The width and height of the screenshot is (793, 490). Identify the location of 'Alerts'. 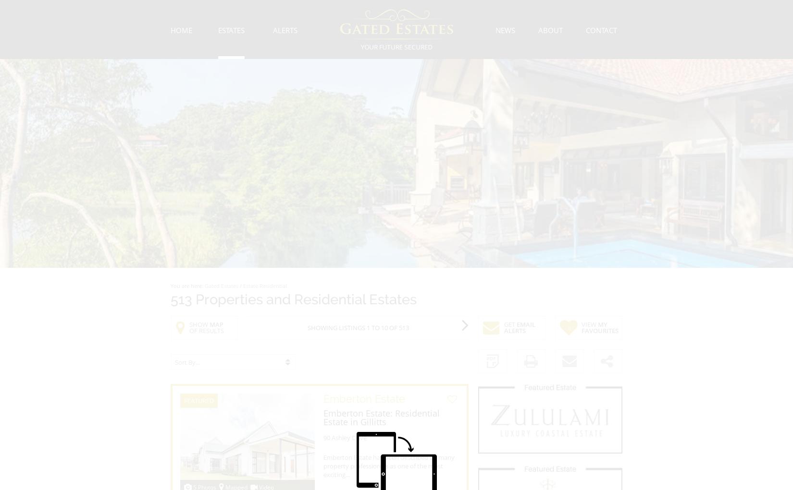
(285, 30).